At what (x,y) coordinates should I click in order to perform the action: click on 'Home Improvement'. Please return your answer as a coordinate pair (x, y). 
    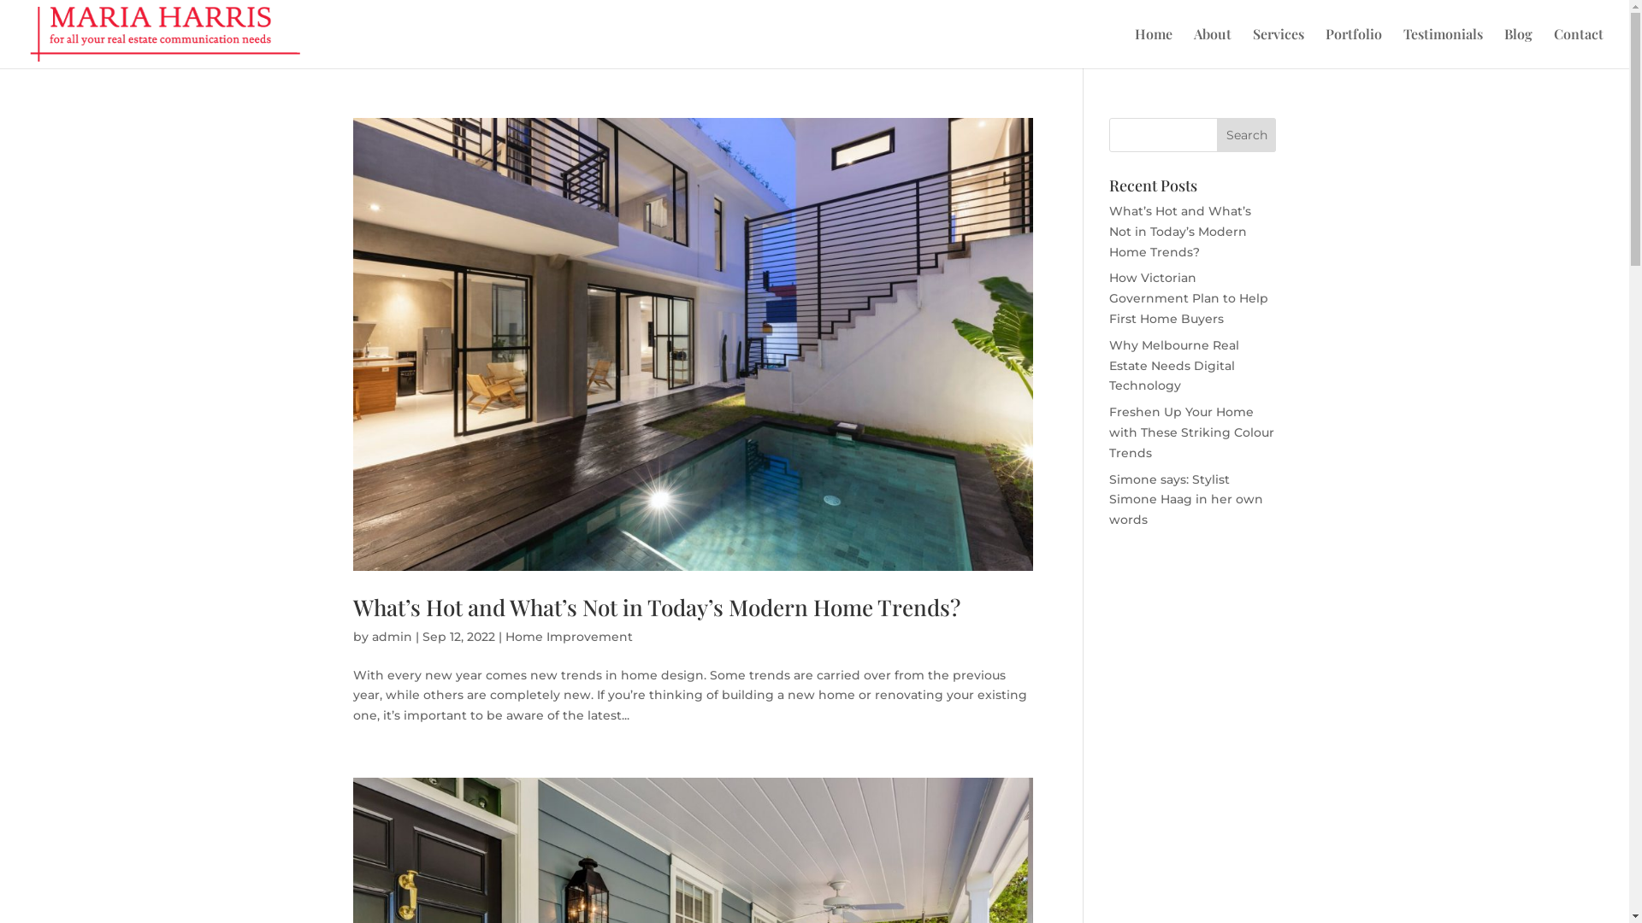
    Looking at the image, I should click on (568, 636).